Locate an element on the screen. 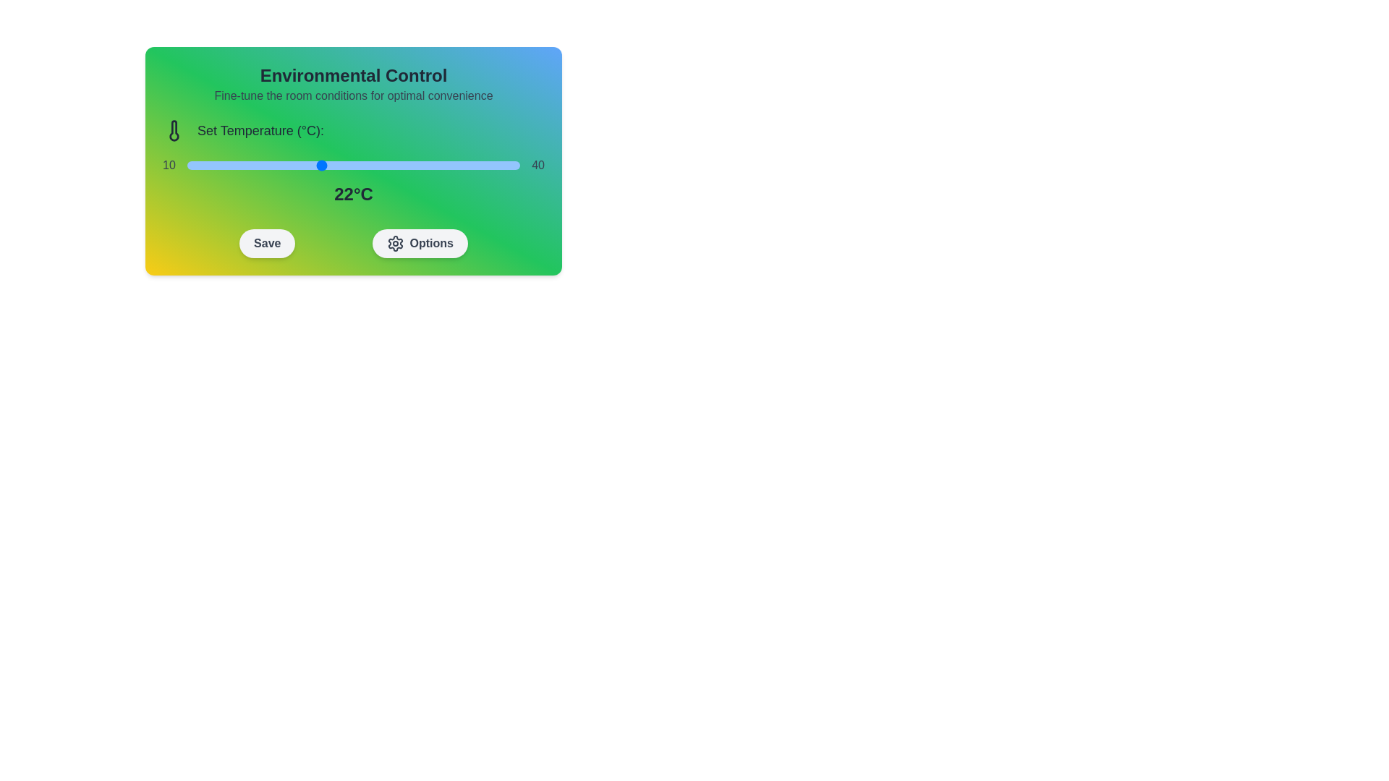 The image size is (1389, 781). the temperature is located at coordinates (487, 164).